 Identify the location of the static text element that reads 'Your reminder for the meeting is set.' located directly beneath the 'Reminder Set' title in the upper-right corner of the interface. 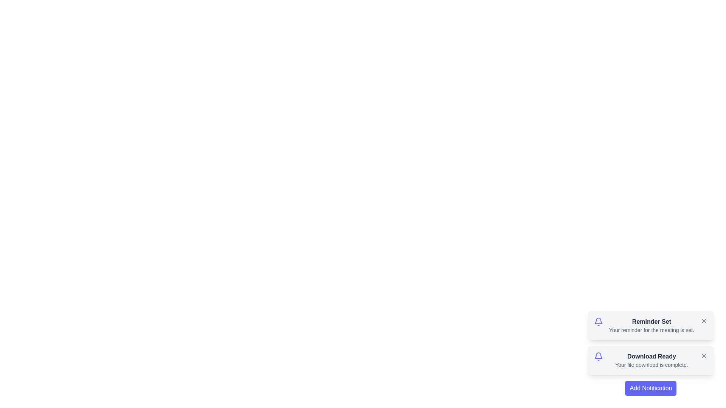
(651, 330).